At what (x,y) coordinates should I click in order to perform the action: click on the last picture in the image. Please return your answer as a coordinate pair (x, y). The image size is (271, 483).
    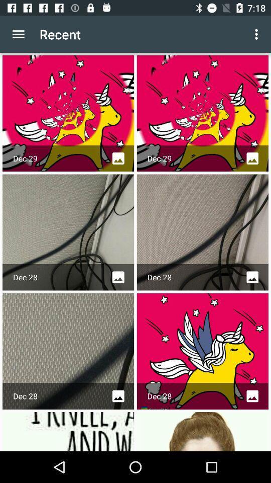
    Looking at the image, I should click on (202, 431).